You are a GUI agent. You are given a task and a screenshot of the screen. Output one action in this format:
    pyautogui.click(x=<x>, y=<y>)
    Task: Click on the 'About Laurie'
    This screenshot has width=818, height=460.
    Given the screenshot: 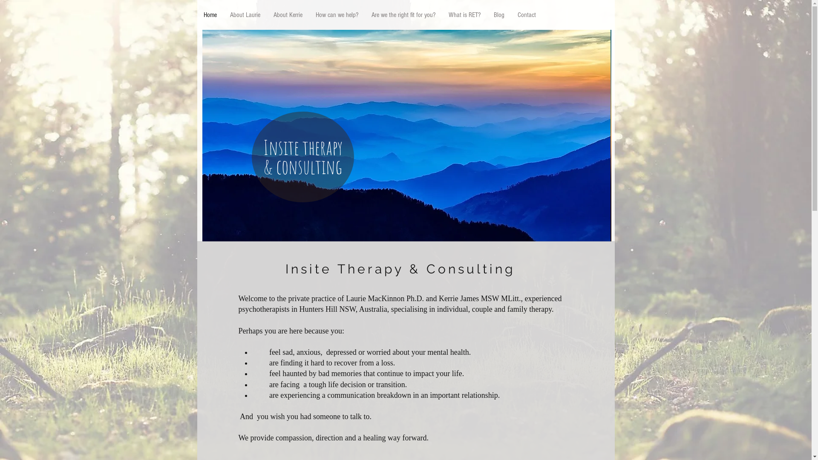 What is the action you would take?
    pyautogui.click(x=245, y=15)
    